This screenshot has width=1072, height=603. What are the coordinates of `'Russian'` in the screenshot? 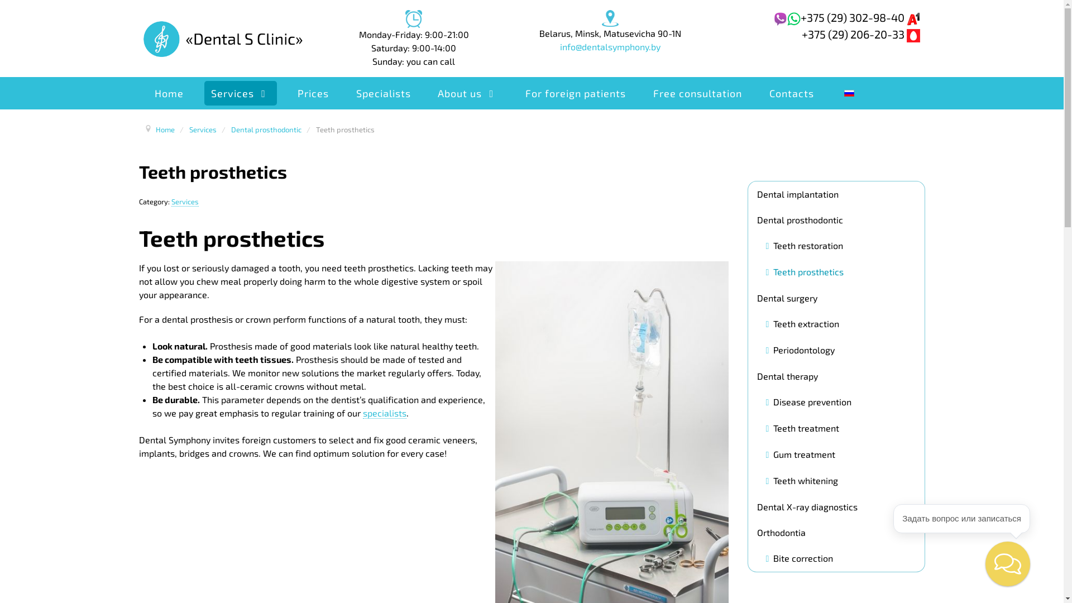 It's located at (849, 92).